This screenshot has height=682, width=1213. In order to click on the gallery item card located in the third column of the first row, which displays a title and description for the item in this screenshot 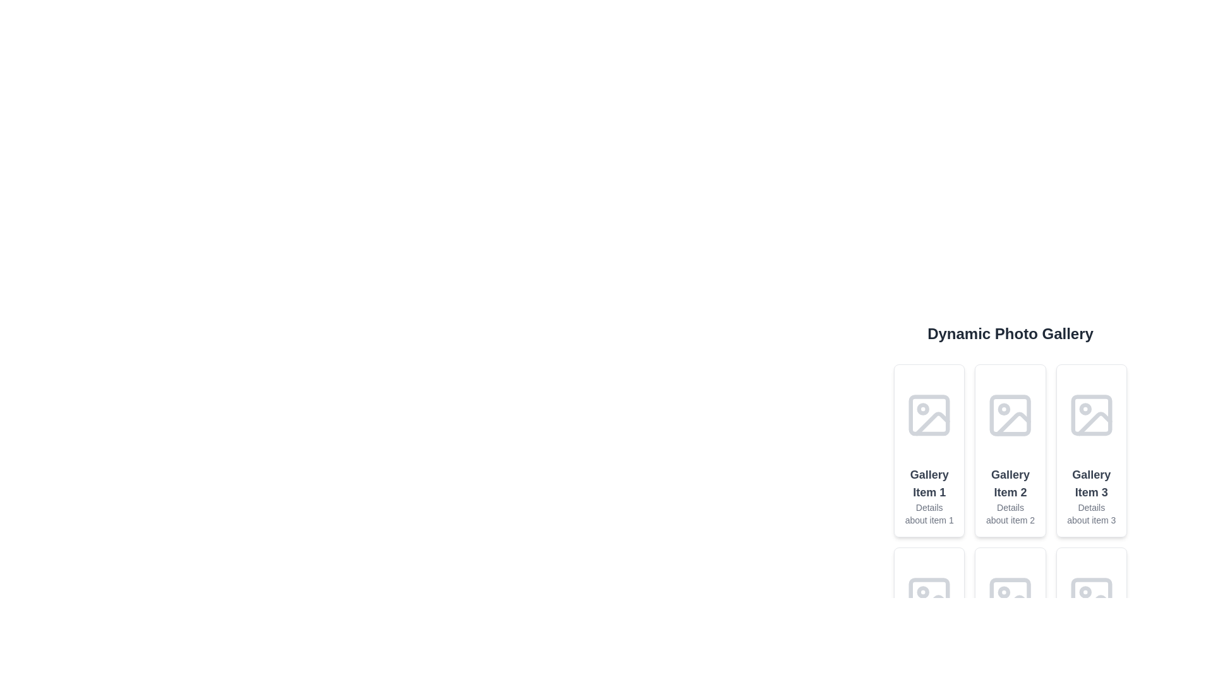, I will do `click(1090, 450)`.